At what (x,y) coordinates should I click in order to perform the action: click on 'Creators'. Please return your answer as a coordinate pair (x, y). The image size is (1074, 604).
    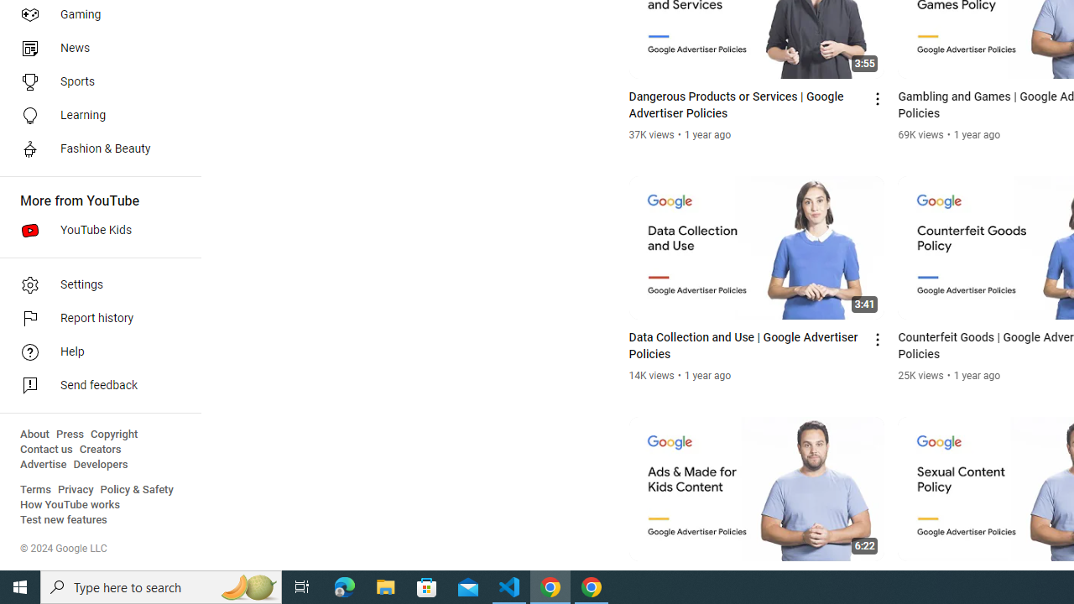
    Looking at the image, I should click on (99, 449).